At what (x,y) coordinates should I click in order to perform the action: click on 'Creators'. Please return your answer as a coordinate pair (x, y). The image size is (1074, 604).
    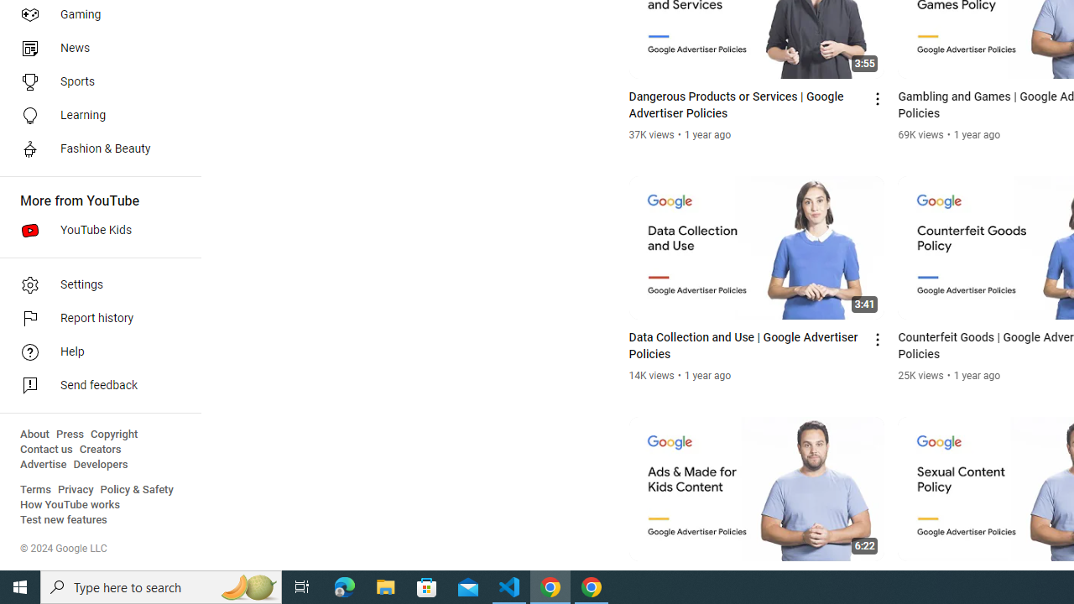
    Looking at the image, I should click on (99, 449).